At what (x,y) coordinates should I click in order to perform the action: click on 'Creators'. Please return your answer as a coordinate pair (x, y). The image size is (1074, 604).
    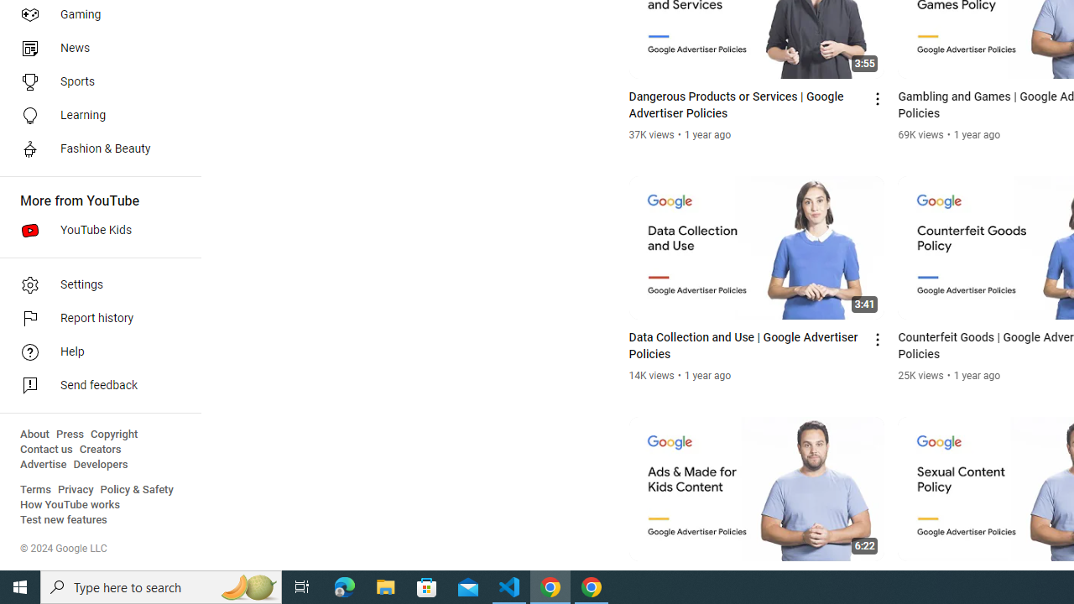
    Looking at the image, I should click on (99, 449).